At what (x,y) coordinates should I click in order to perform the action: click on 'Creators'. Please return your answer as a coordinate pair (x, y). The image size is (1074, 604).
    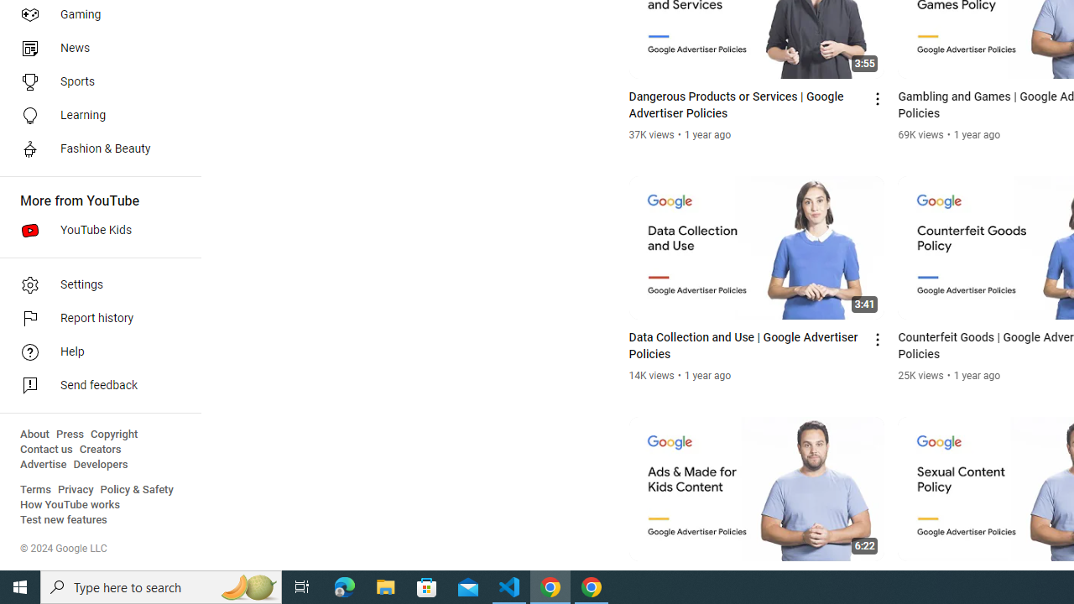
    Looking at the image, I should click on (99, 449).